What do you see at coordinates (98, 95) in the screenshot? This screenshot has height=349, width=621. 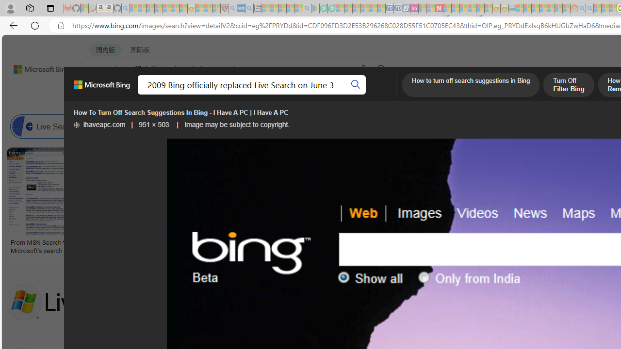 I see `'WEB'` at bounding box center [98, 95].